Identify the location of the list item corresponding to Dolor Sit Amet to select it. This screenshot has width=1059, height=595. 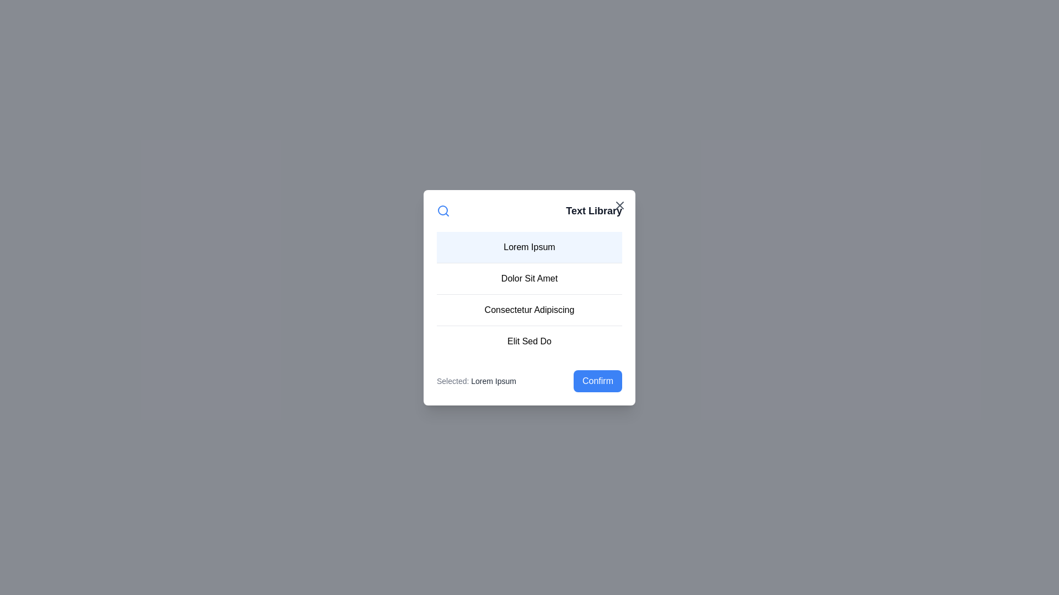
(529, 278).